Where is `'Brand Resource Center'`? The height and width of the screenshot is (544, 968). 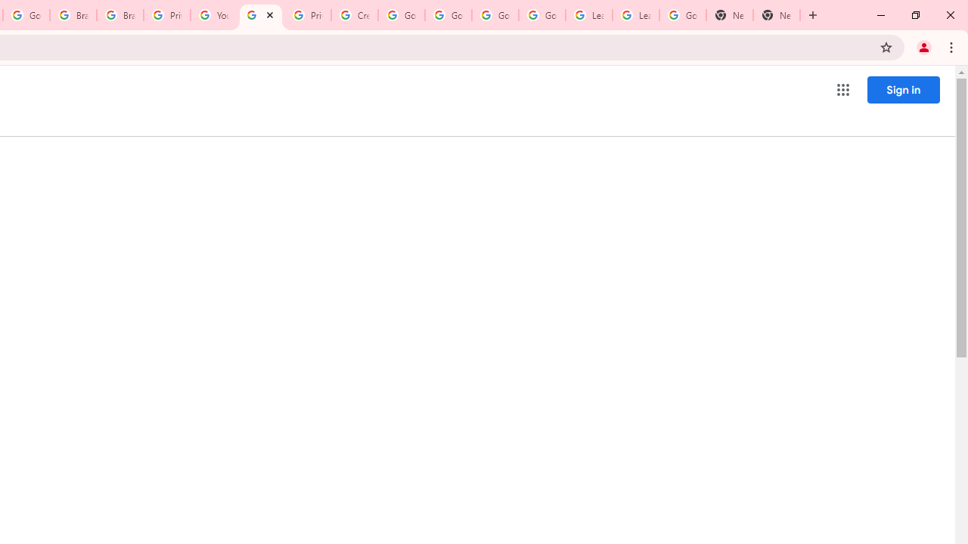
'Brand Resource Center' is located at coordinates (119, 15).